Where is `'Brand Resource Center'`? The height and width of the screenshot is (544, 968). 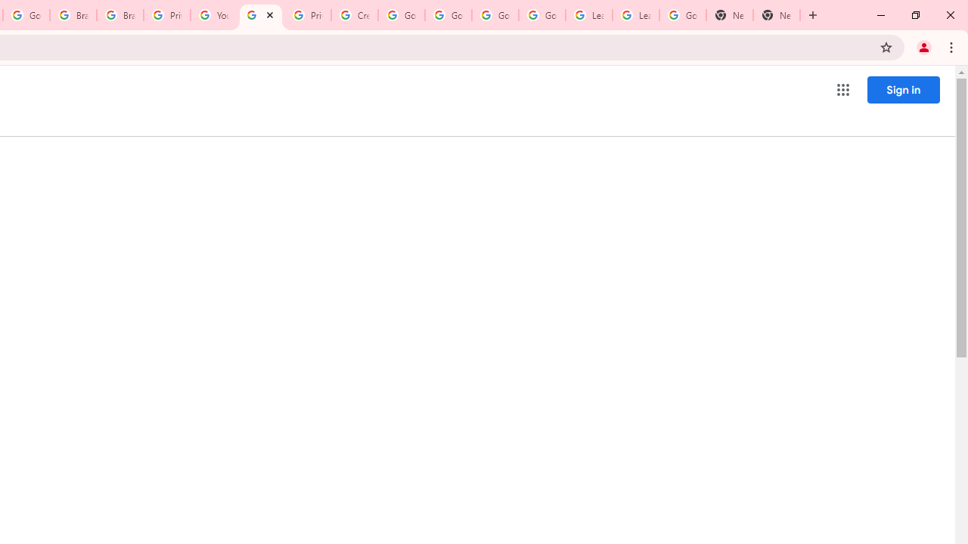
'Brand Resource Center' is located at coordinates (119, 15).